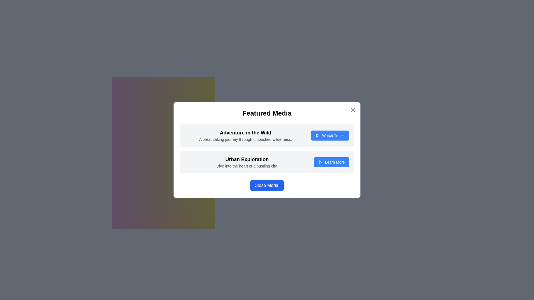 The height and width of the screenshot is (300, 534). I want to click on the text element displaying 'A breathtaking journey through untouched wilderness.' located underneath the title 'Adventure in the Wild.', so click(245, 139).